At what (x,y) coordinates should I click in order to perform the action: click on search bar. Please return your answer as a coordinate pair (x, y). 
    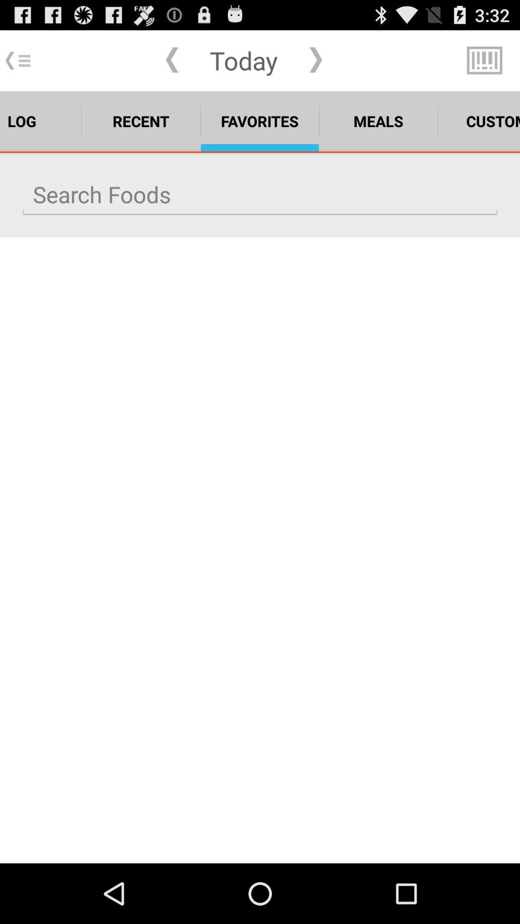
    Looking at the image, I should click on (260, 194).